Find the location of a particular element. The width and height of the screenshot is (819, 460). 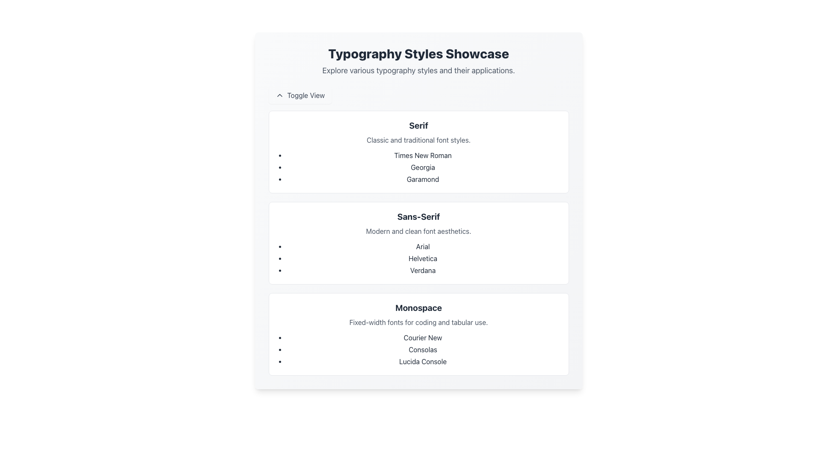

the list of font names ('Arial', 'Helvetica', 'Verdana') that is styled in gray and presented with black bullet points, located in the 'Sans-Serif' section of the application interface is located at coordinates (418, 258).